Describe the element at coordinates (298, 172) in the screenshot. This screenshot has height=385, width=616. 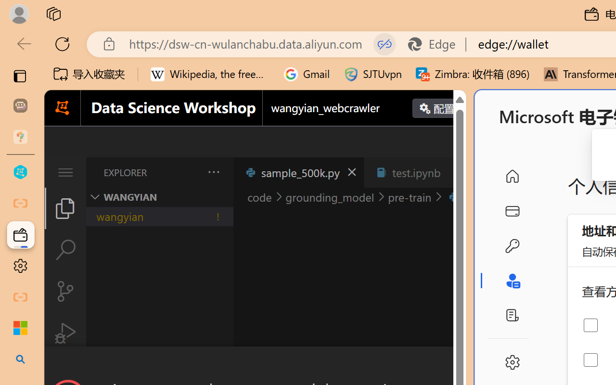
I see `'sample_500k.py'` at that location.